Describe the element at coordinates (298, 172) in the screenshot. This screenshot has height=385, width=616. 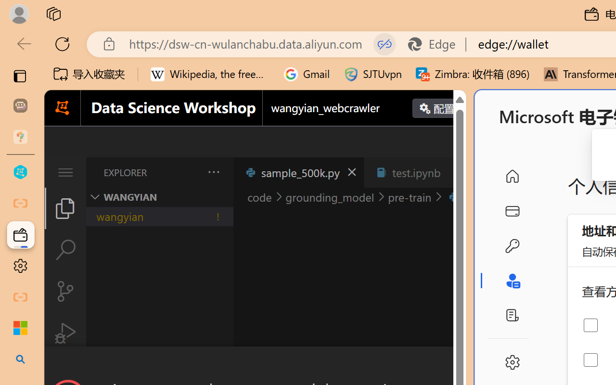
I see `'sample_500k.py'` at that location.